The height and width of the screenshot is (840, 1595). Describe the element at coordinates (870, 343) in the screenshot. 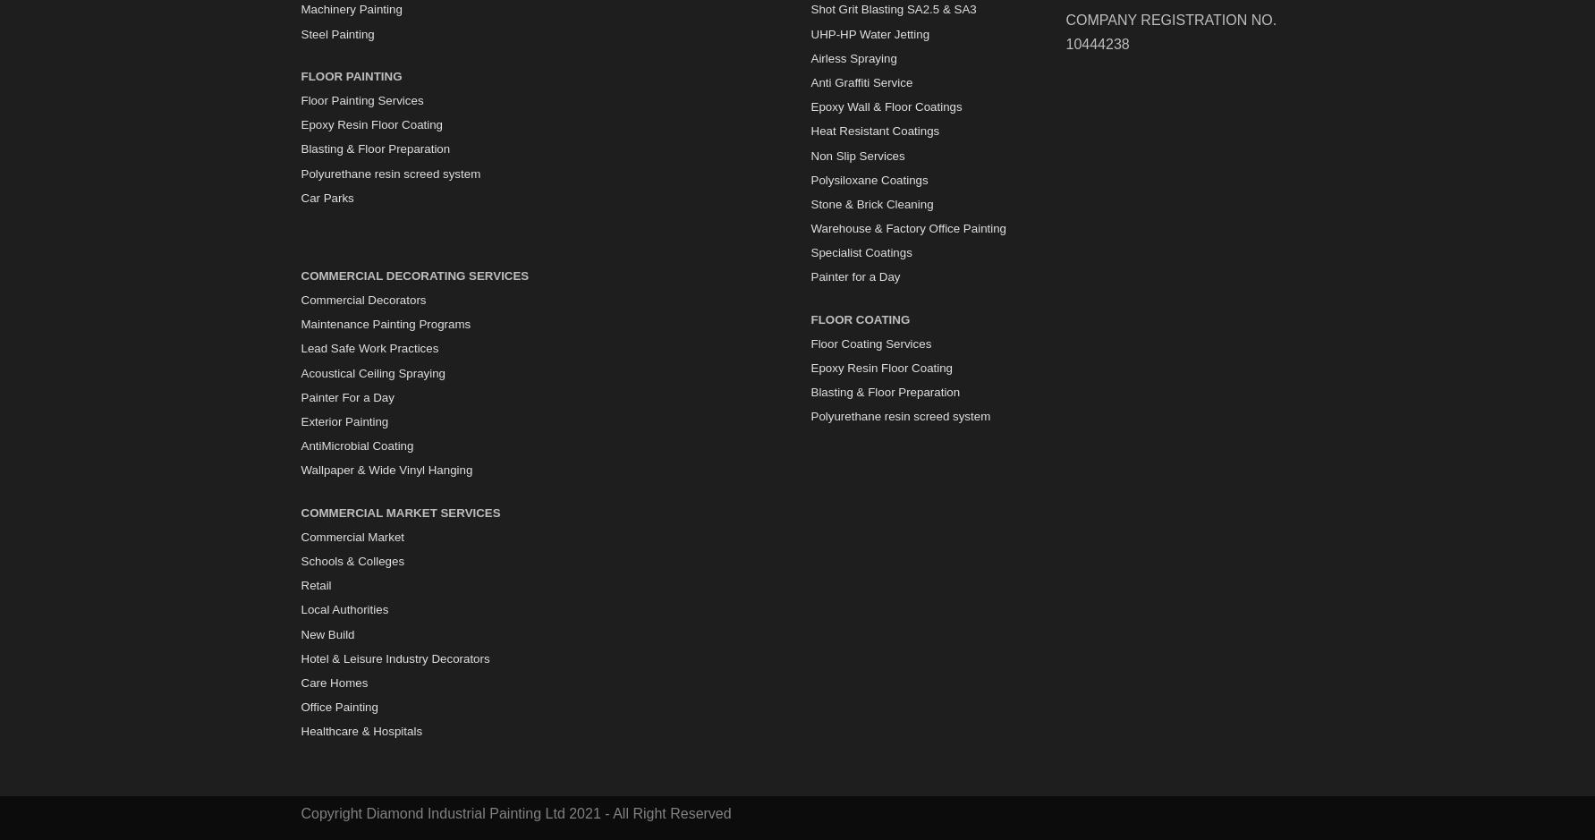

I see `'Floor Coating Services'` at that location.